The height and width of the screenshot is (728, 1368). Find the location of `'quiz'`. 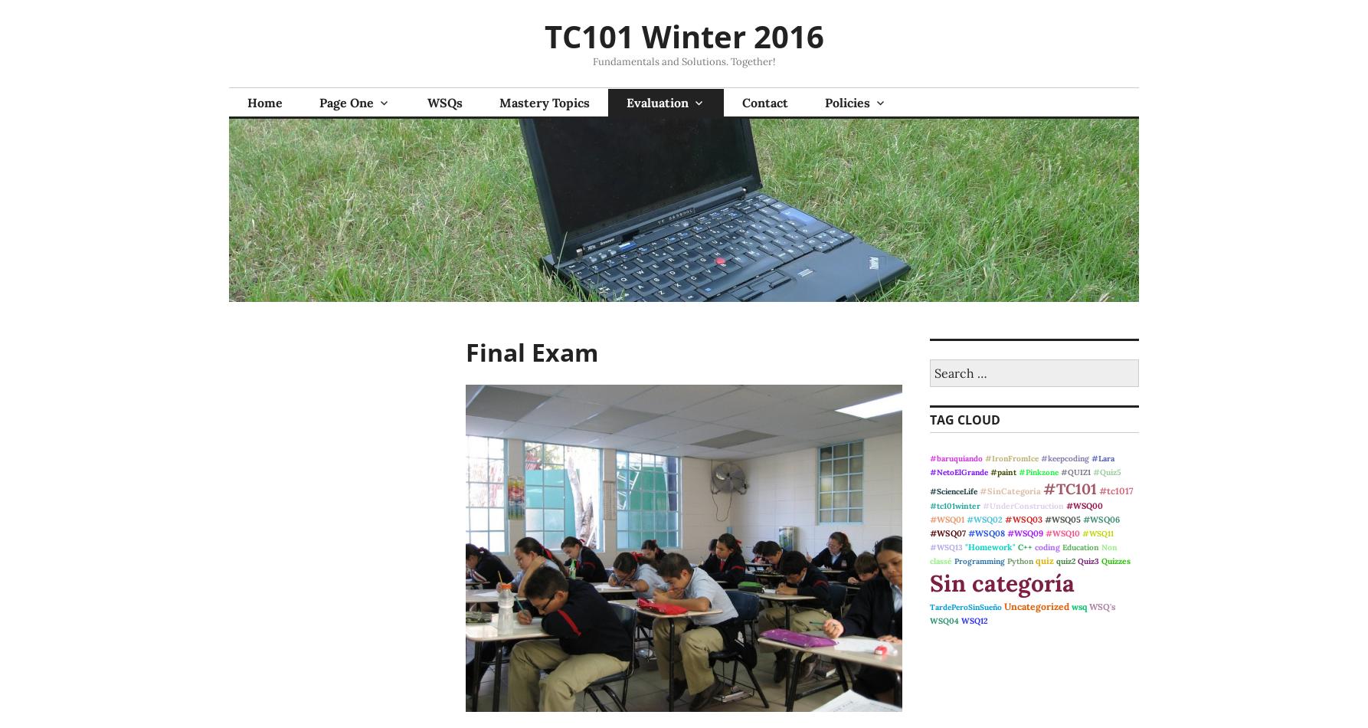

'quiz' is located at coordinates (1043, 559).